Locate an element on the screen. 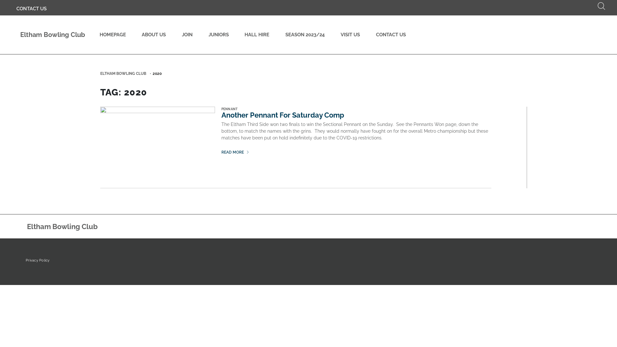 This screenshot has height=347, width=617. 'READ MORE' is located at coordinates (221, 152).